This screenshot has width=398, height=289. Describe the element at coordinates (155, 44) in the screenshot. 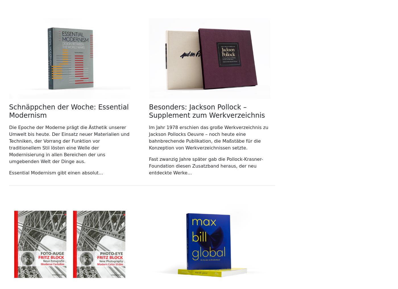

I see `'48,00'` at that location.